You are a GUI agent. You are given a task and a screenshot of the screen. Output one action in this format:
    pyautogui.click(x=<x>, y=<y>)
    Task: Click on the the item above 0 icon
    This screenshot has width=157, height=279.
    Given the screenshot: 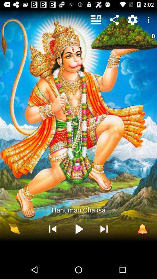 What is the action you would take?
    pyautogui.click(x=149, y=20)
    